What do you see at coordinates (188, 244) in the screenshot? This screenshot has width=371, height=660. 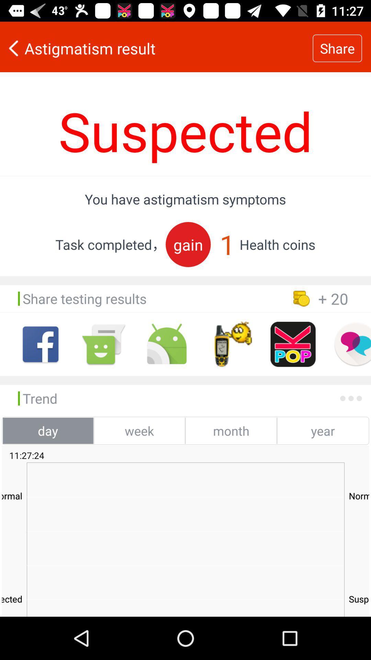 I see `gain item` at bounding box center [188, 244].